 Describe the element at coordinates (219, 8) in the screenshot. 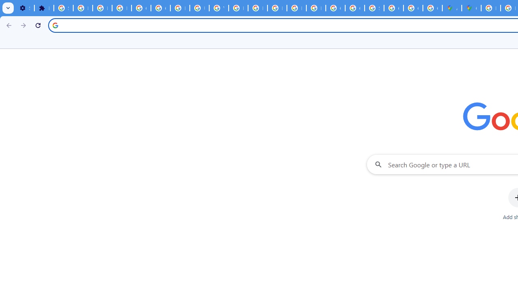

I see `'YouTube'` at that location.